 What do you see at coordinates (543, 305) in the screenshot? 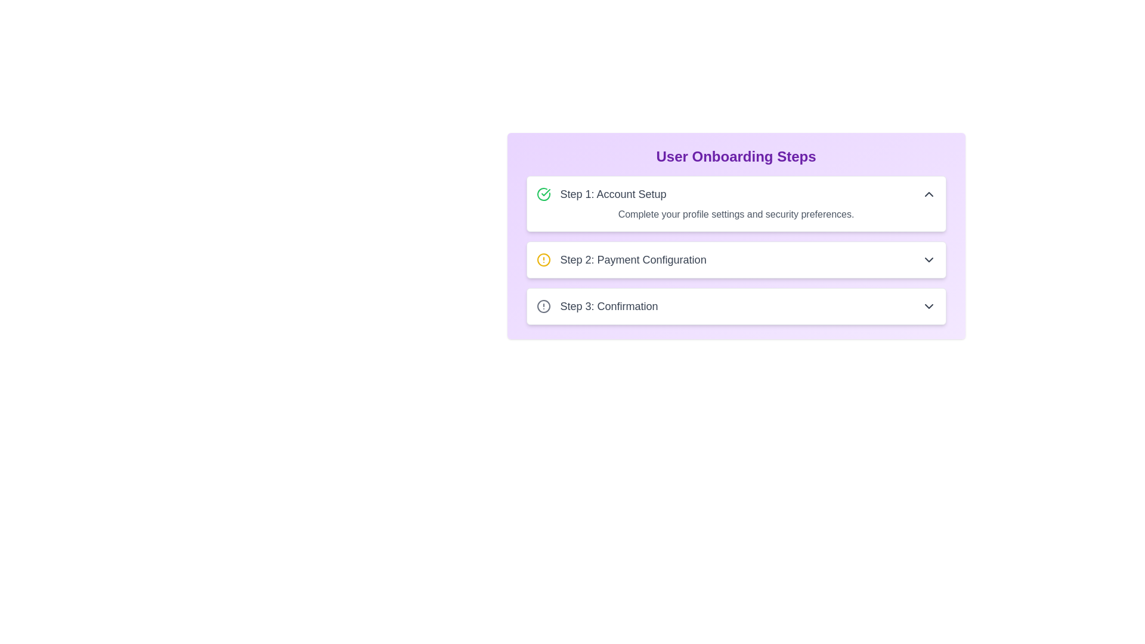
I see `the circular SVG element that forms the base of the Step 3 icon in the onboarding steps component, which has a light gray stroke and a ring-like appearance` at bounding box center [543, 305].